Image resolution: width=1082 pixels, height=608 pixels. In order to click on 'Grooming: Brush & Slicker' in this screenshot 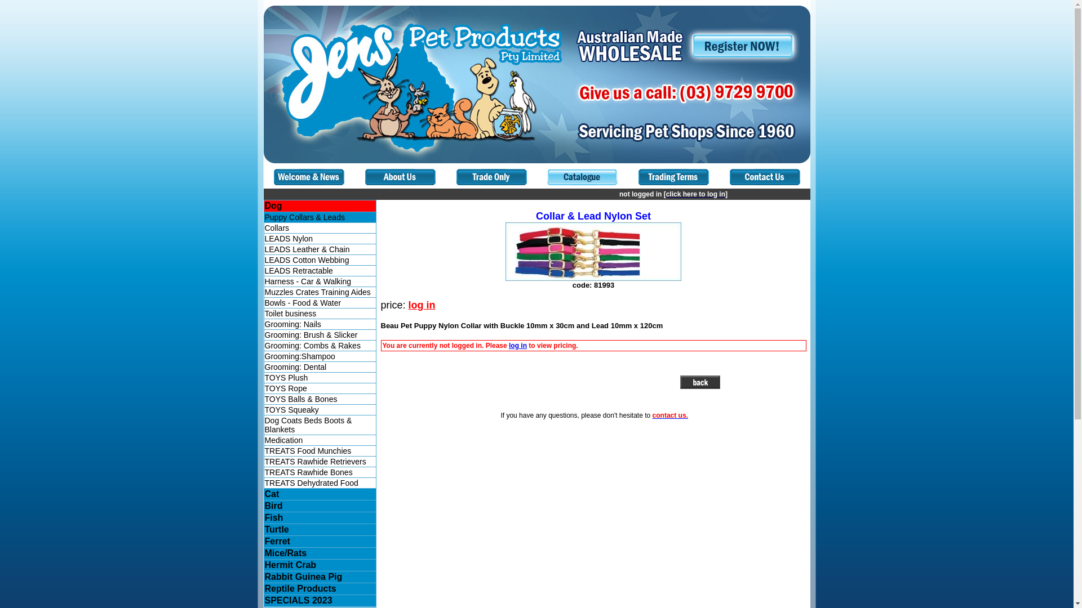, I will do `click(311, 334)`.